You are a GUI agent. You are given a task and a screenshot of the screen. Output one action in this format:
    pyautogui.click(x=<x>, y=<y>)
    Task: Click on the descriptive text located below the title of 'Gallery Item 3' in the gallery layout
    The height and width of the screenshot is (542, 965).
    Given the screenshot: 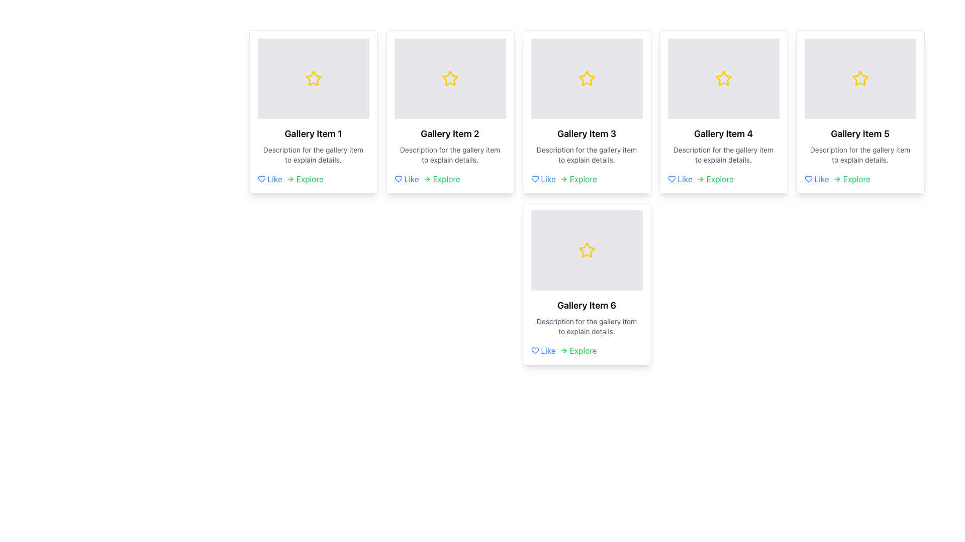 What is the action you would take?
    pyautogui.click(x=587, y=155)
    